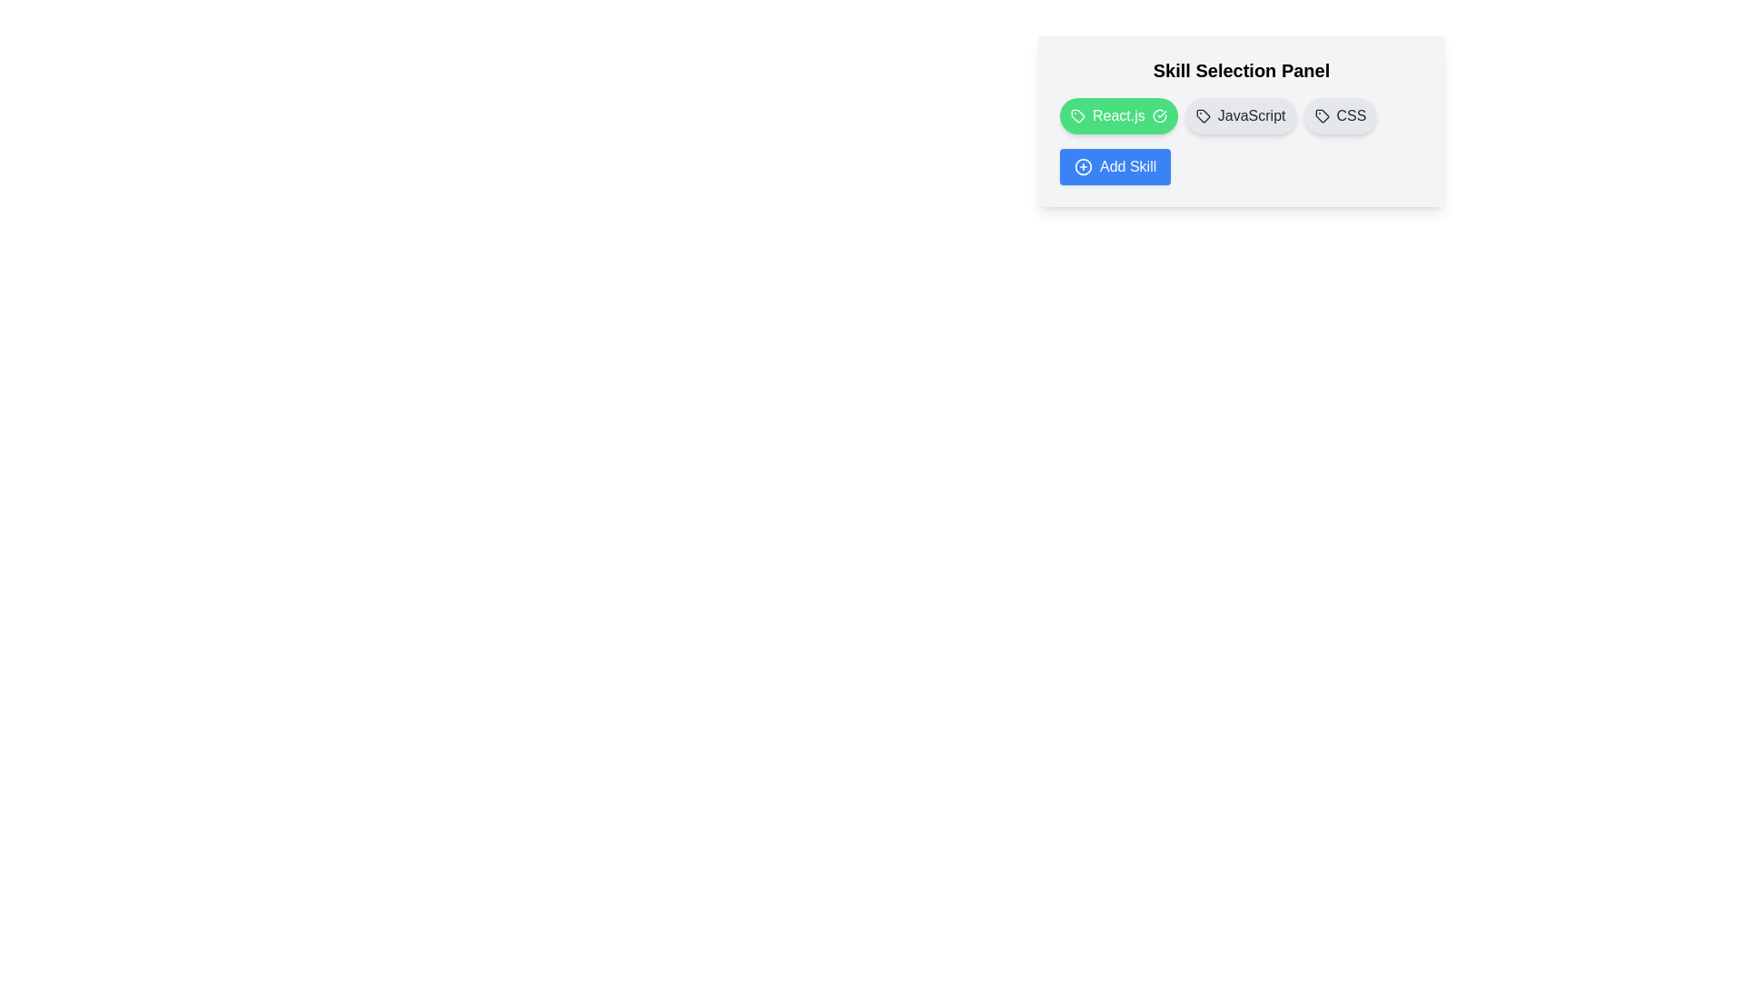 The width and height of the screenshot is (1744, 981). What do you see at coordinates (1117, 115) in the screenshot?
I see `text label for the 'React.js' skill button, which is located in the Skill Selection Panel, to the right of the 'Add Skill' button` at bounding box center [1117, 115].